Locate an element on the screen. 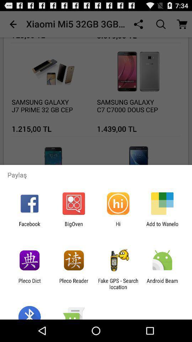  the pleco reader icon is located at coordinates (73, 284).